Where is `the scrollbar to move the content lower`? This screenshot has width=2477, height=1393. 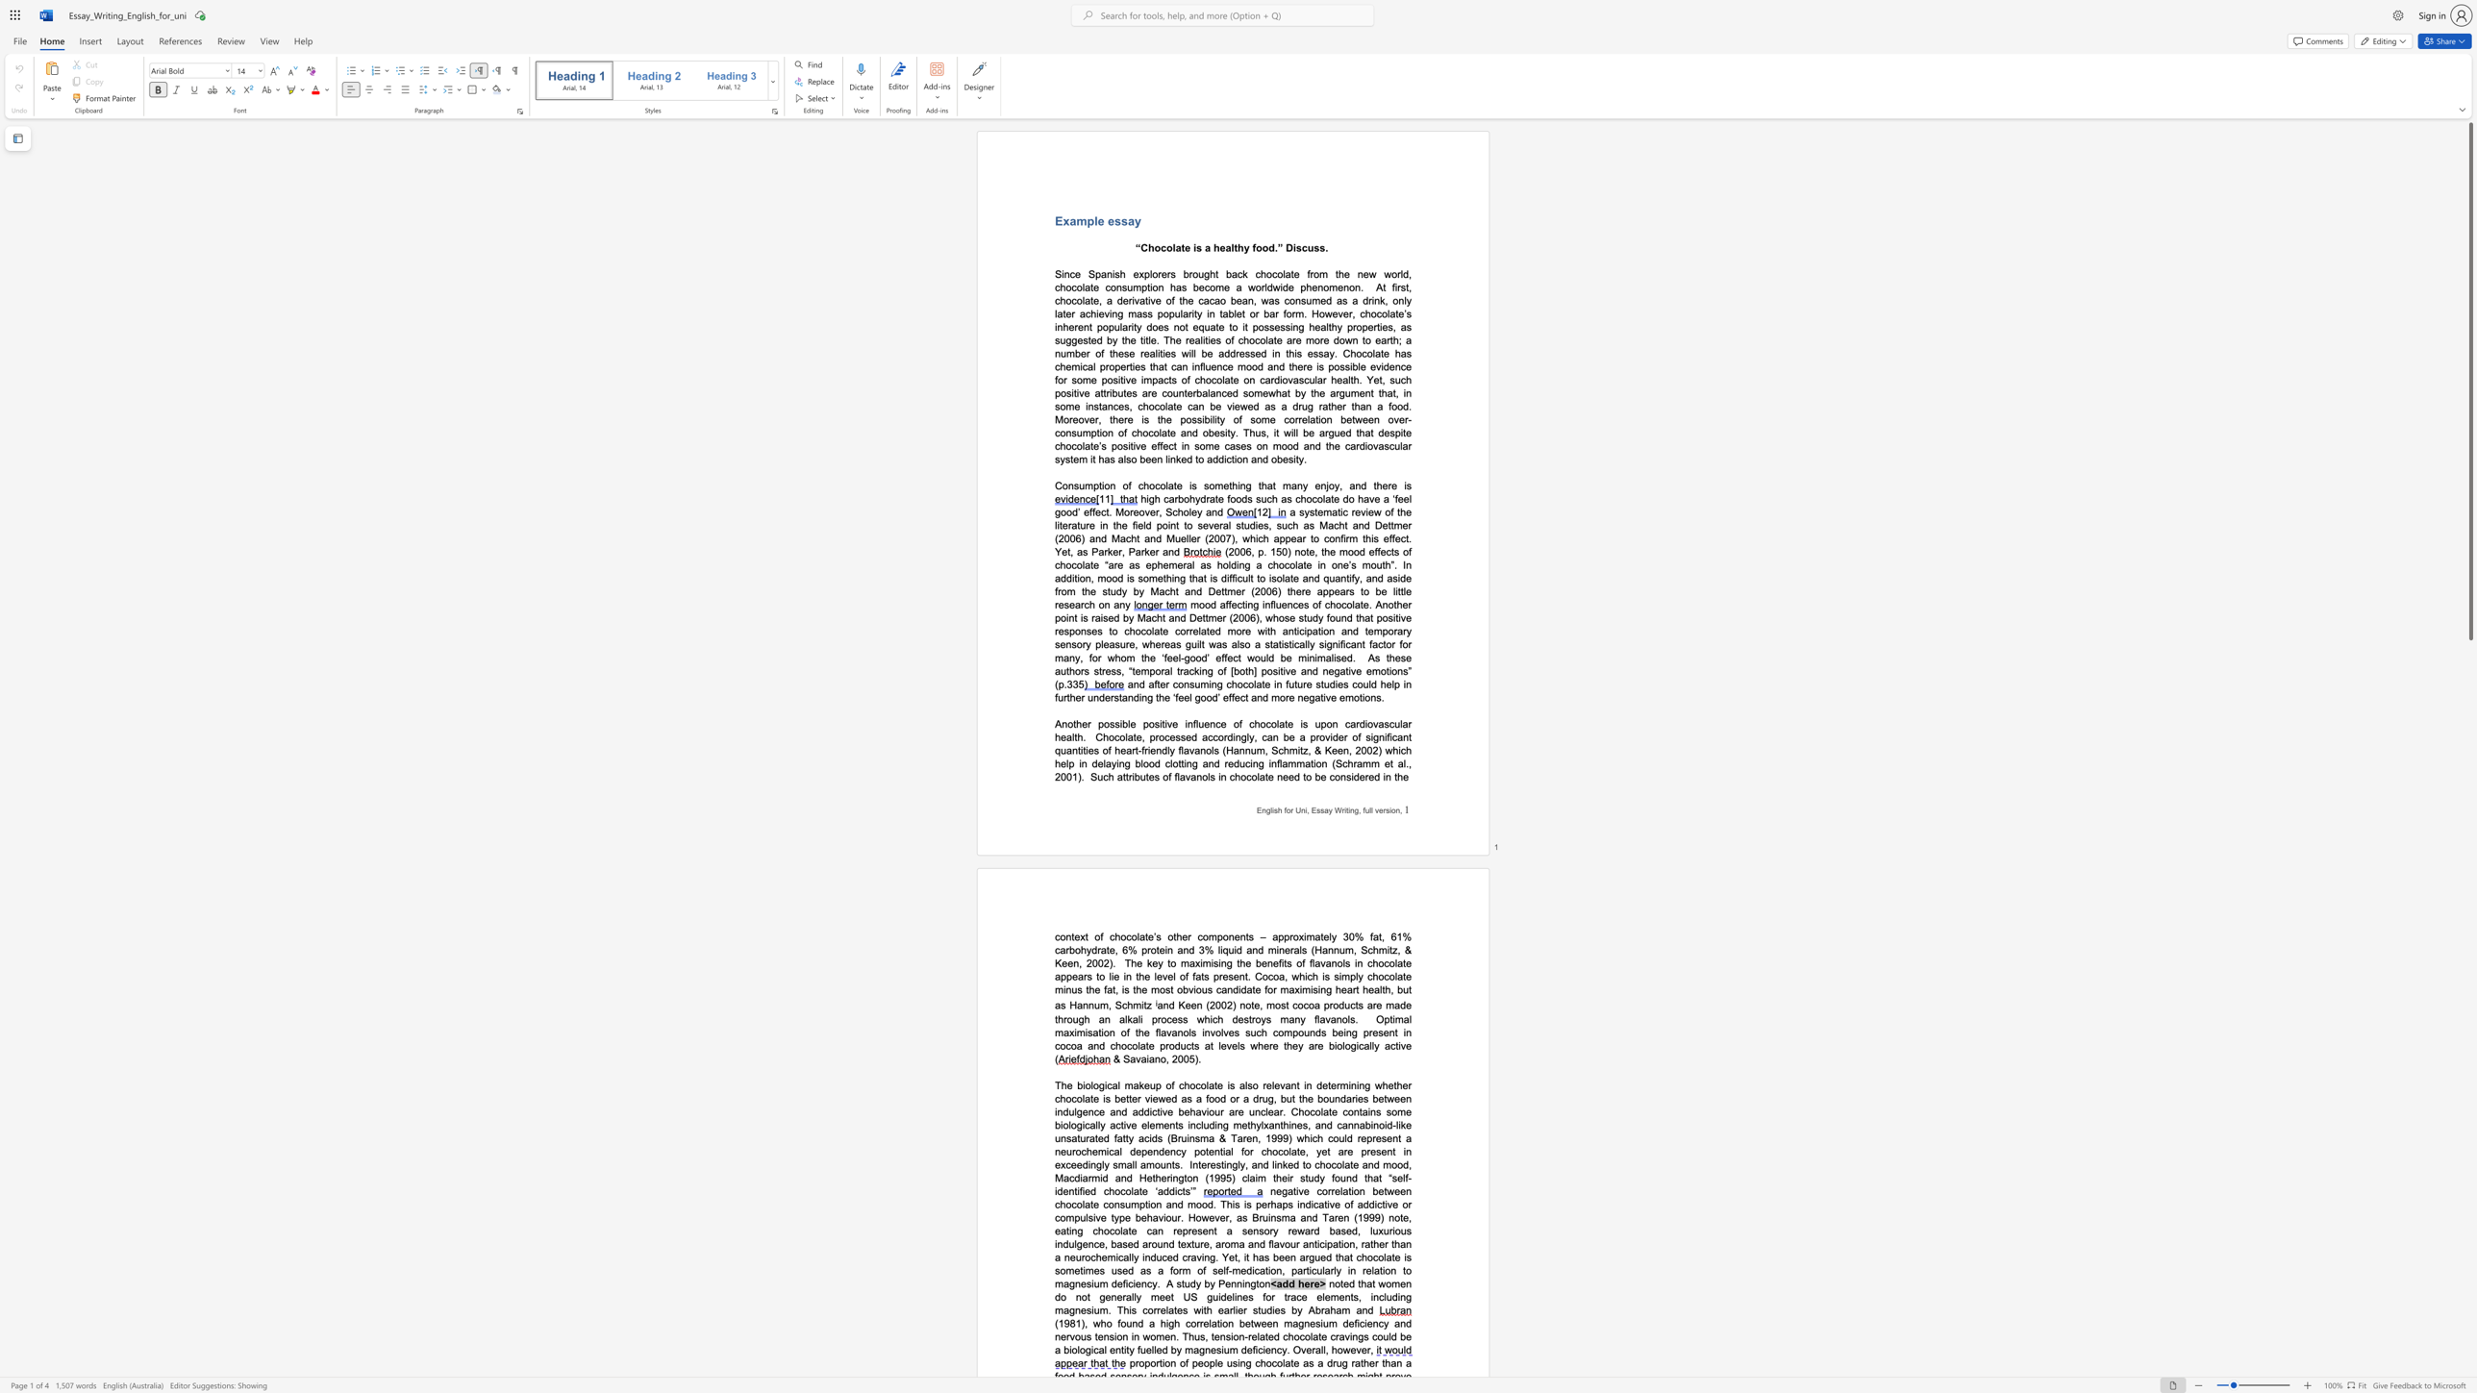
the scrollbar to move the content lower is located at coordinates (2469, 1088).